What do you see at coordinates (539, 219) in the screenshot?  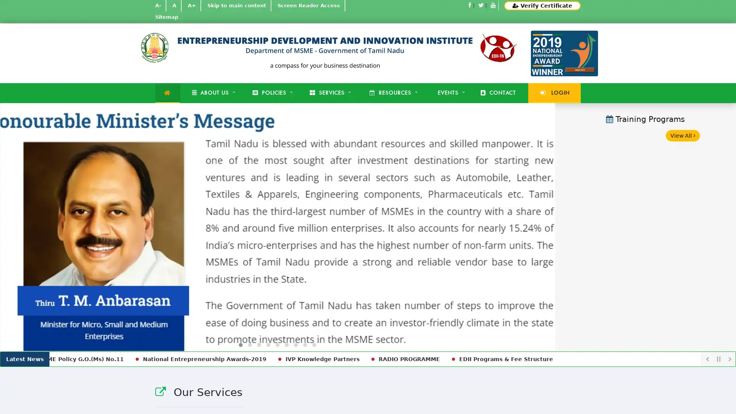 I see `Next` at bounding box center [539, 219].